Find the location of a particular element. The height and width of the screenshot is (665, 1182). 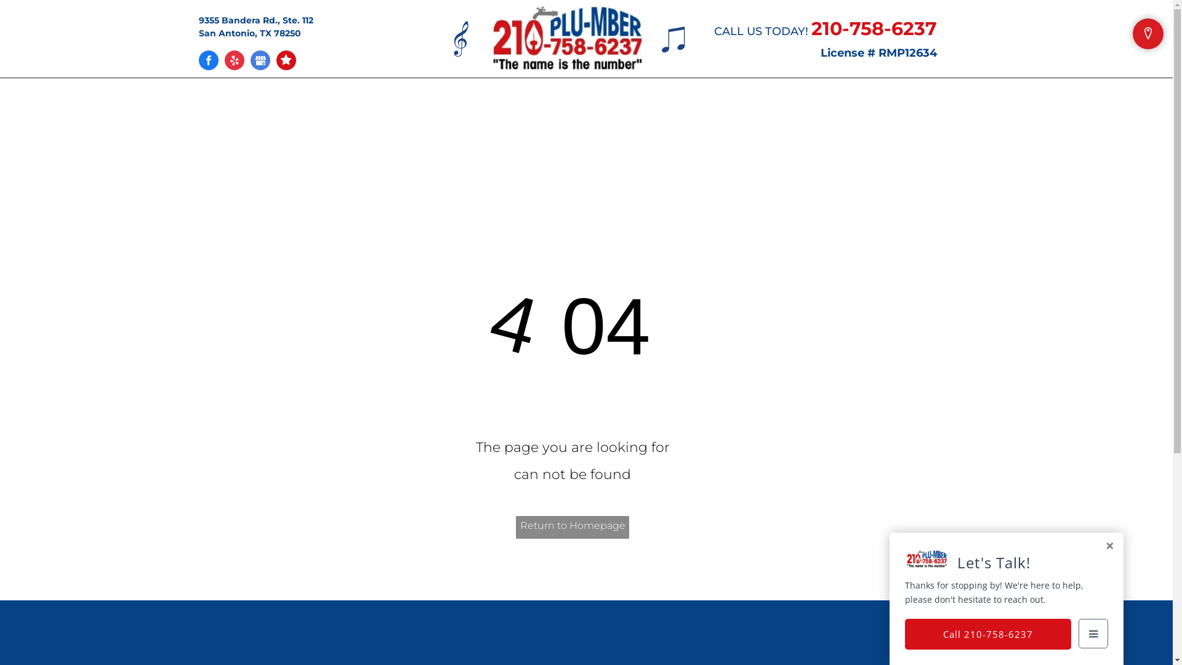

'210-PLUMBER' is located at coordinates (566, 37).